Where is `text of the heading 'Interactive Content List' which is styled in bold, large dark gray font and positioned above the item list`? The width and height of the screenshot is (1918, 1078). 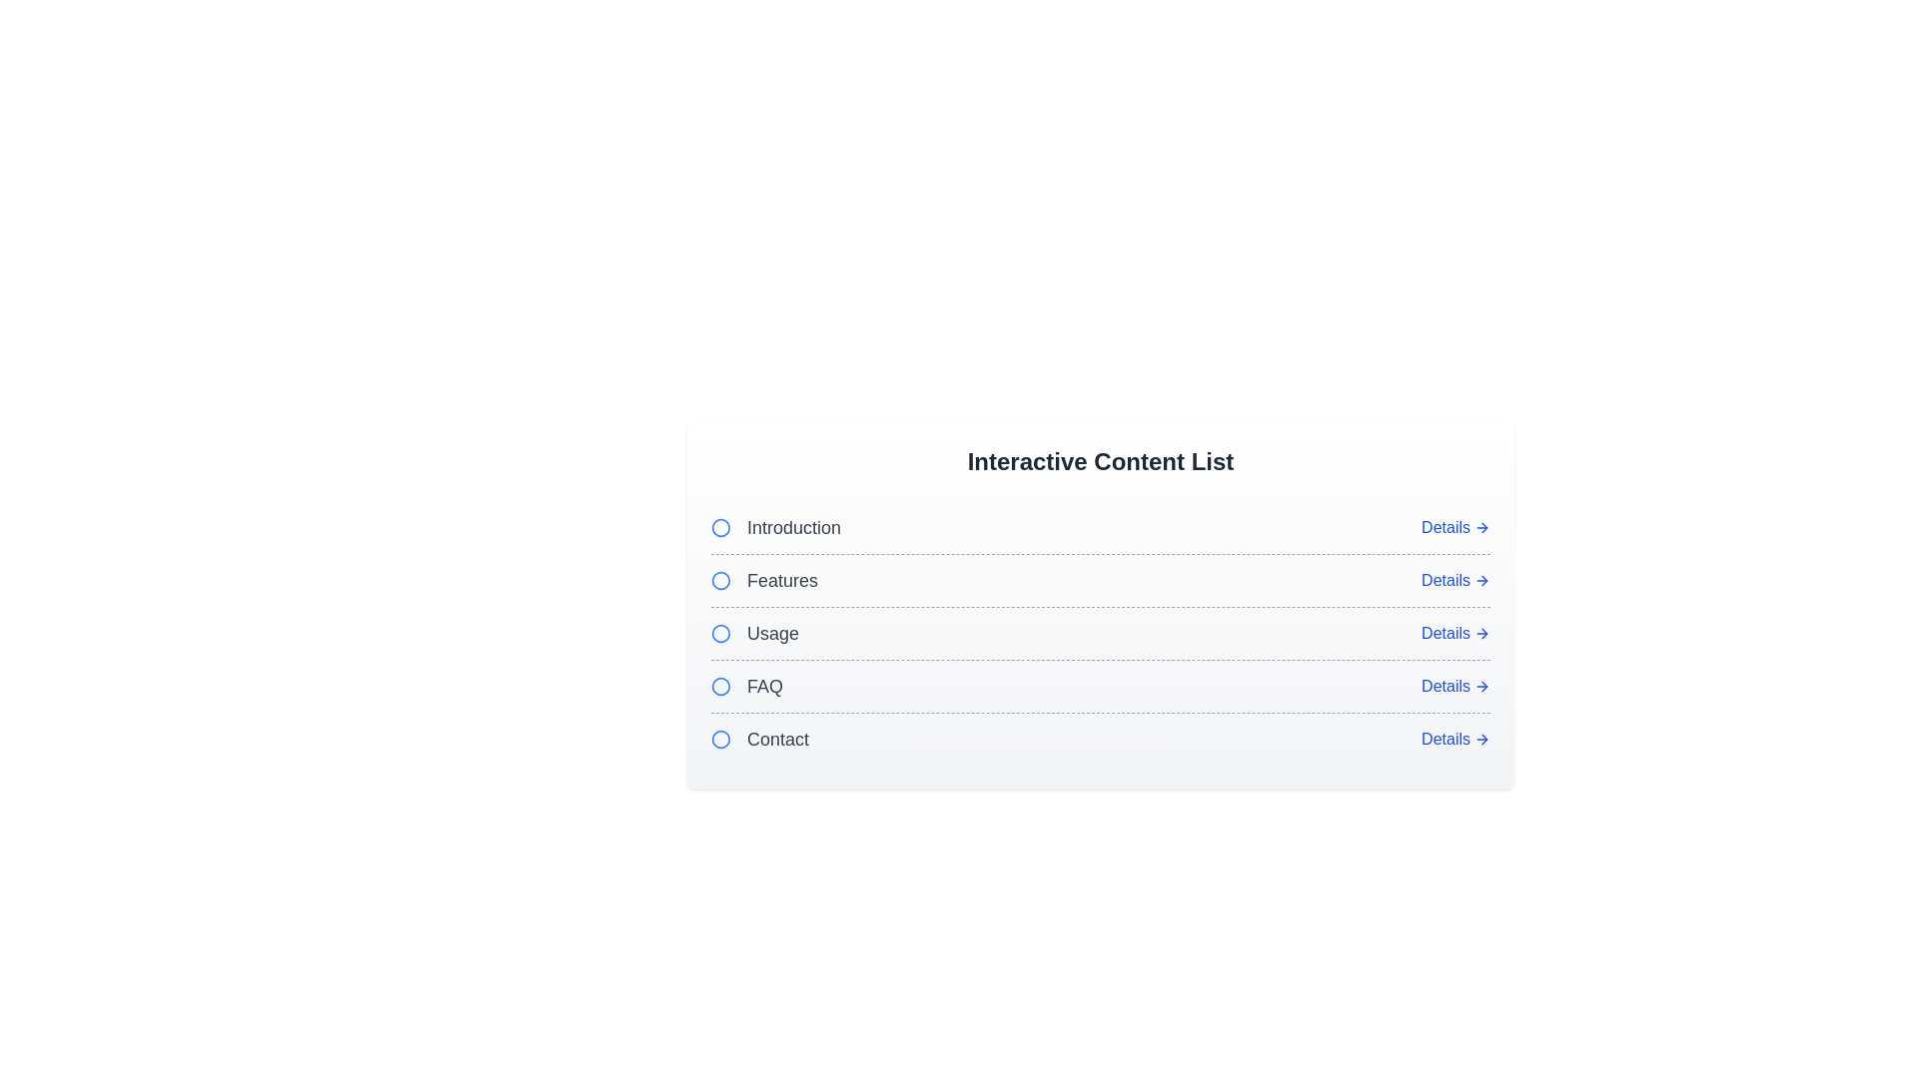
text of the heading 'Interactive Content List' which is styled in bold, large dark gray font and positioned above the item list is located at coordinates (1100, 461).